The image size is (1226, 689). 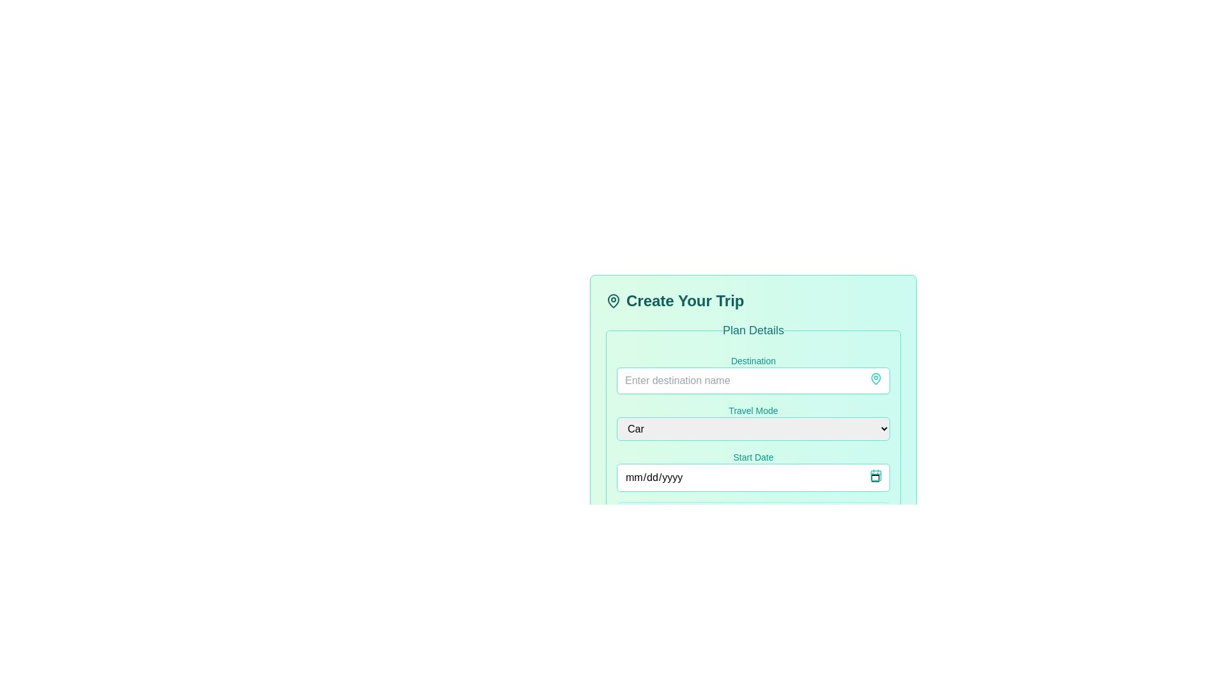 What do you see at coordinates (875, 378) in the screenshot?
I see `the map pin icon with a teal outline located next to the 'Create Your Trip' heading` at bounding box center [875, 378].